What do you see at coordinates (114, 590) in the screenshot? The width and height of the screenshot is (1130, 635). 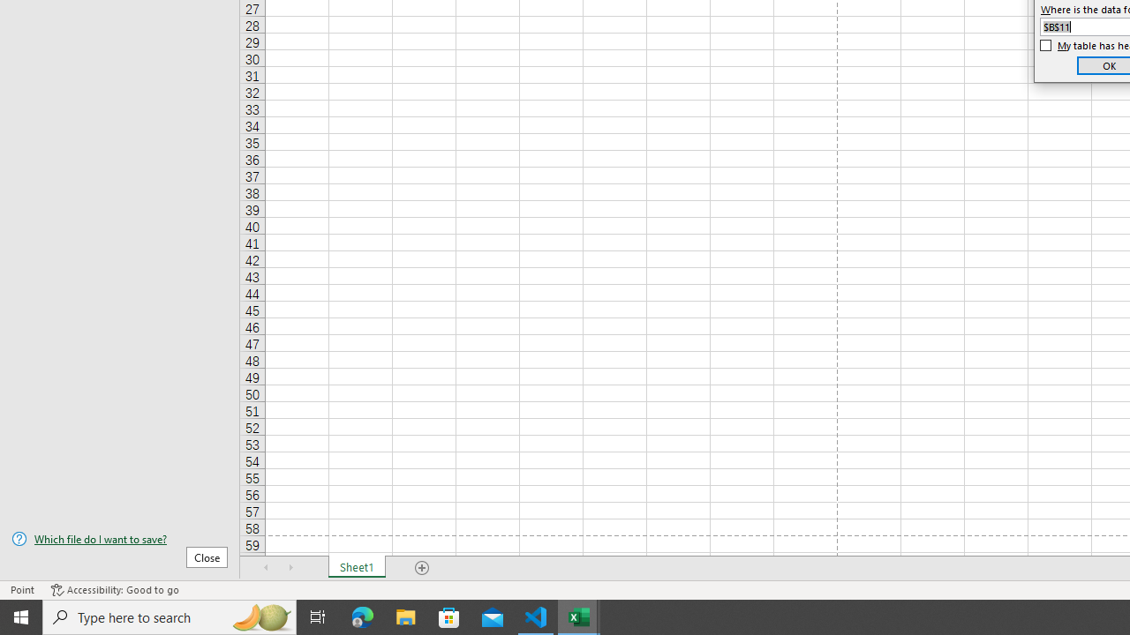 I see `'Accessibility Checker Accessibility: Good to go'` at bounding box center [114, 590].